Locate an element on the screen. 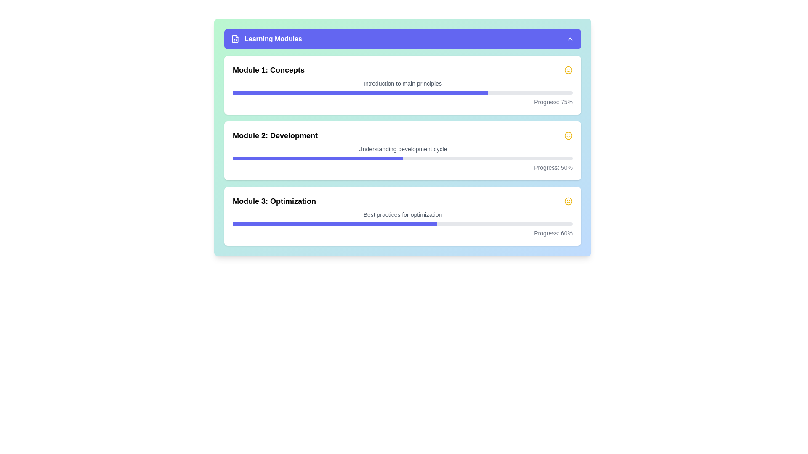 The image size is (808, 454). the circular graphical feature with a yellow outline that is part of the smiley face icon associated with Module 2: Development is located at coordinates (568, 201).